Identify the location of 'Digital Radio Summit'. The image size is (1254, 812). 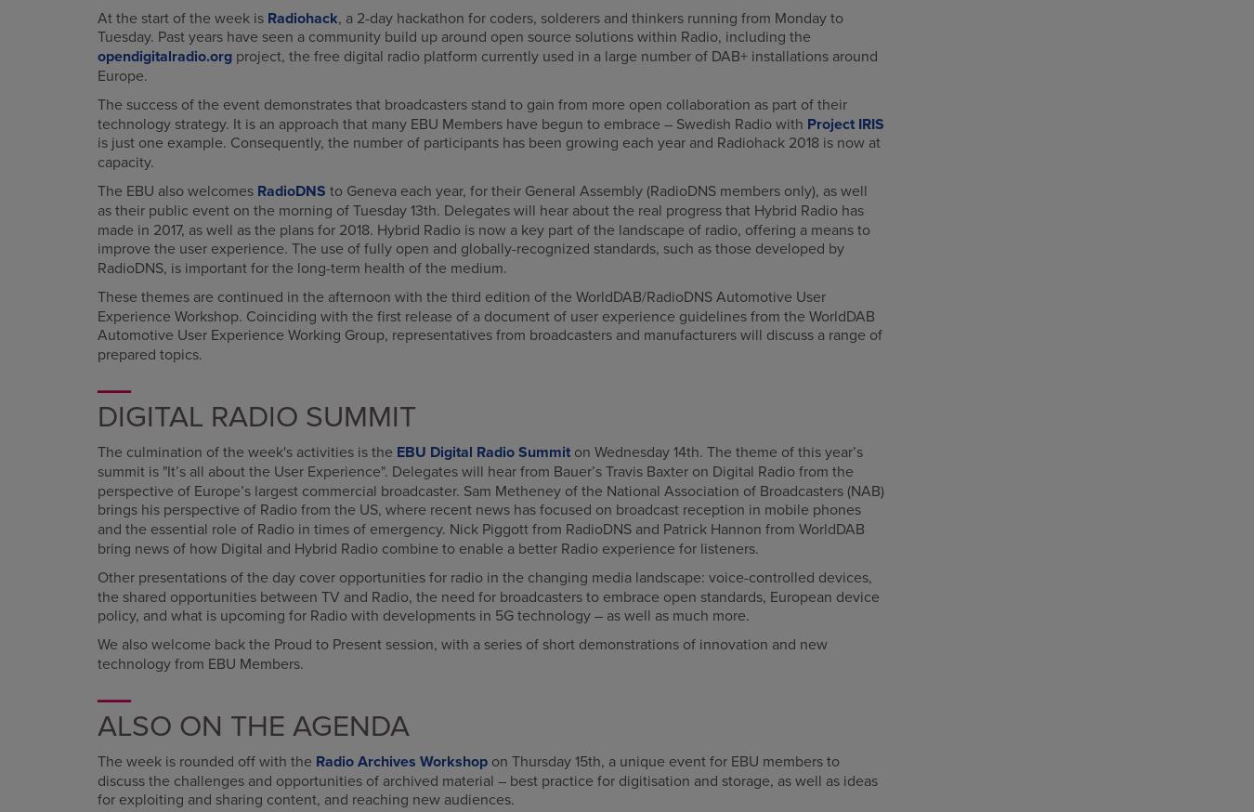
(255, 415).